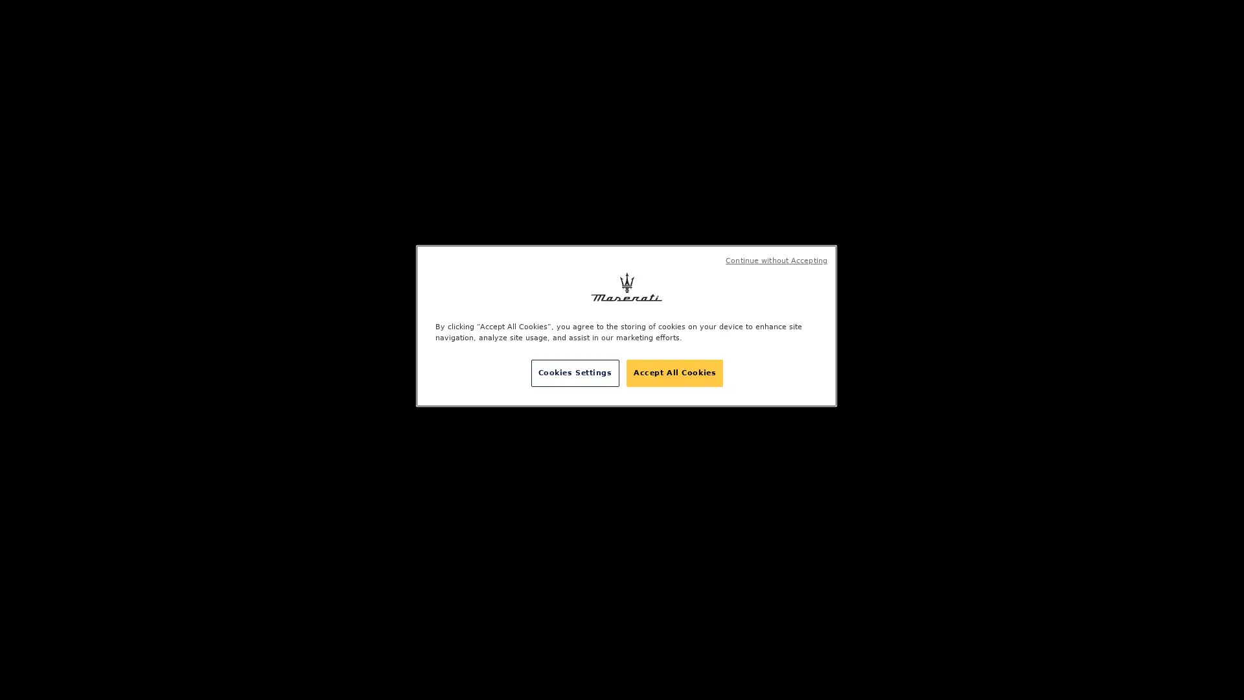 The image size is (1244, 700). Describe the element at coordinates (674, 373) in the screenshot. I see `Accept All Cookies` at that location.